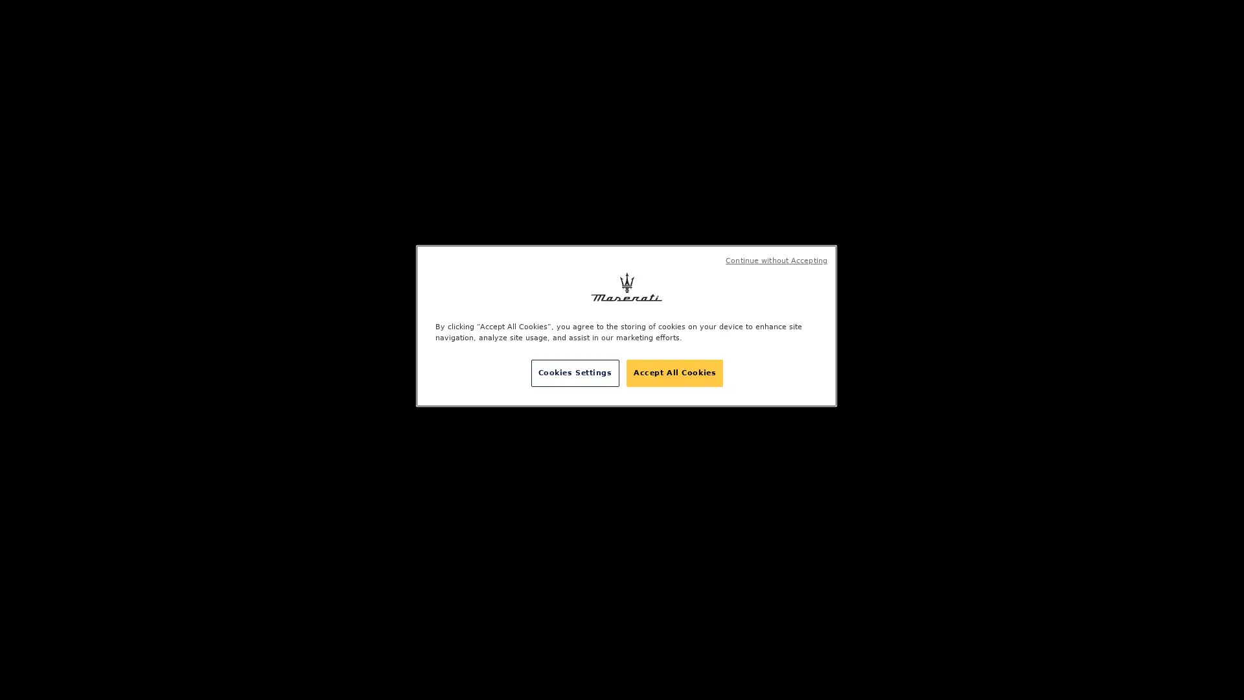 The image size is (1244, 700). Describe the element at coordinates (674, 373) in the screenshot. I see `Accept All Cookies` at that location.